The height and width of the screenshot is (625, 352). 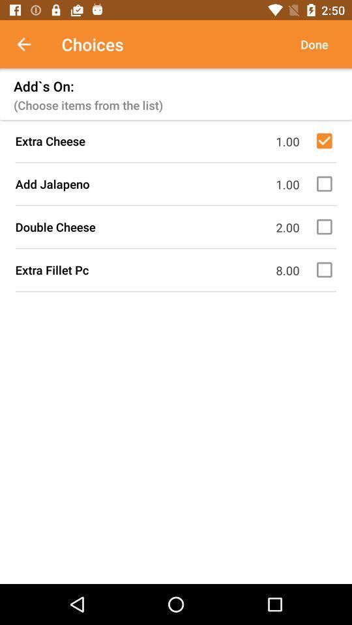 I want to click on food add-on check box, so click(x=326, y=183).